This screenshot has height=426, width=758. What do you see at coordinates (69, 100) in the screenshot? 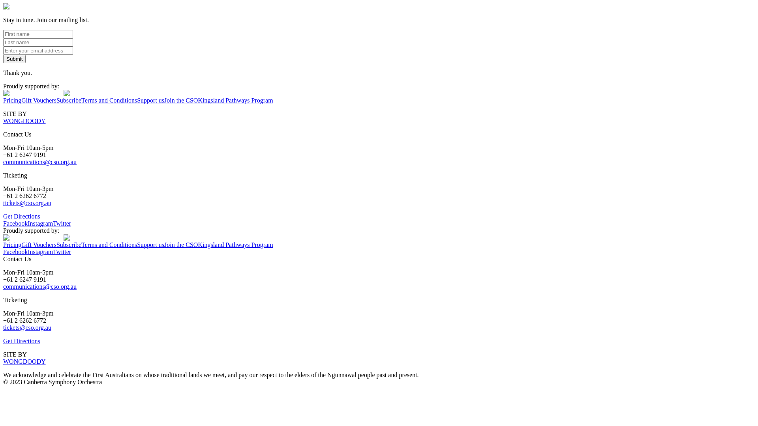
I see `'Subscribe'` at bounding box center [69, 100].